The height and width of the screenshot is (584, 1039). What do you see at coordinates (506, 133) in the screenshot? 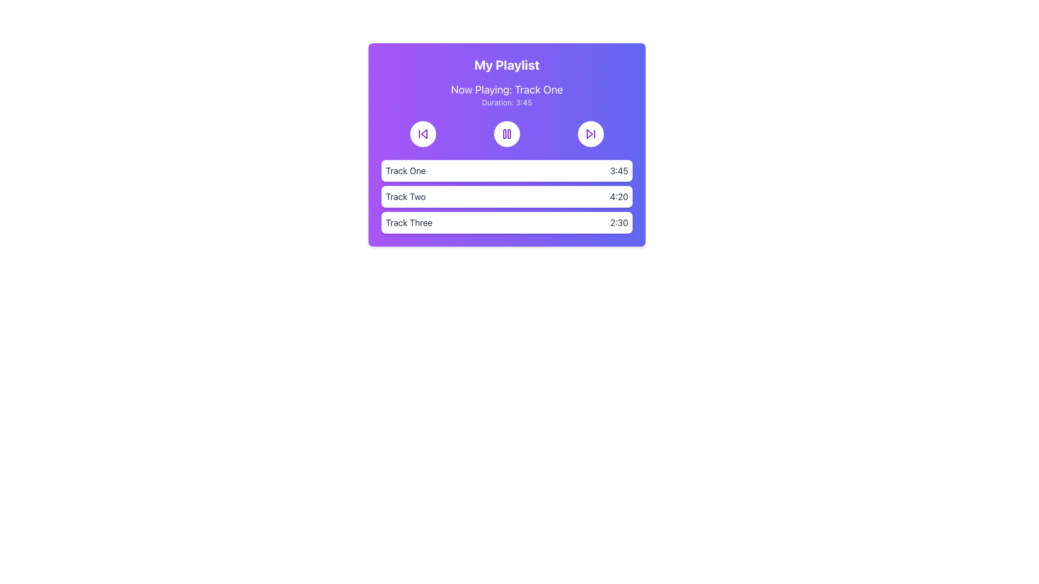
I see `the 'pause' button, which is the second circular button in a row of three` at bounding box center [506, 133].